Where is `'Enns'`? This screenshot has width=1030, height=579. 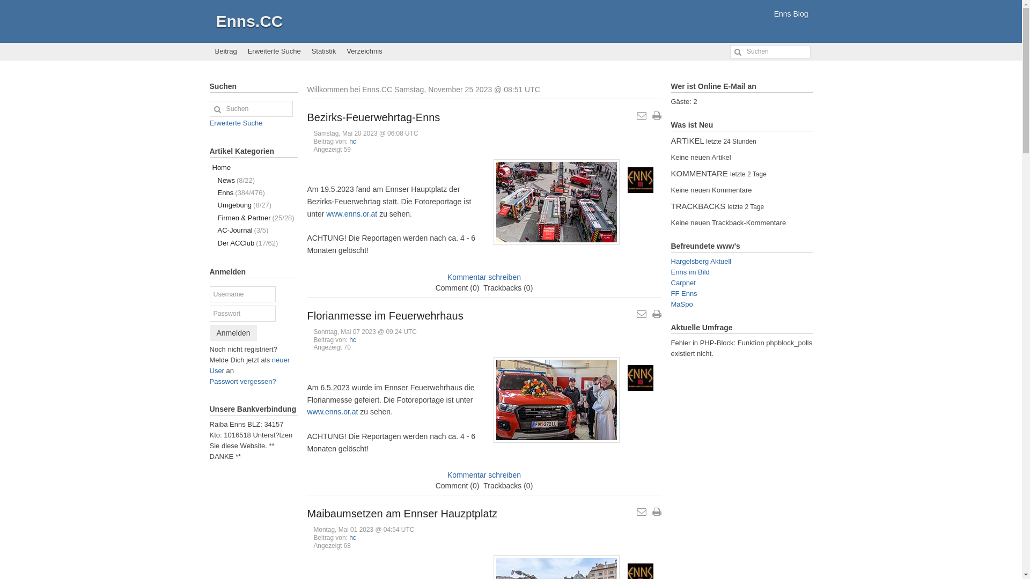
'Enns' is located at coordinates (641, 179).